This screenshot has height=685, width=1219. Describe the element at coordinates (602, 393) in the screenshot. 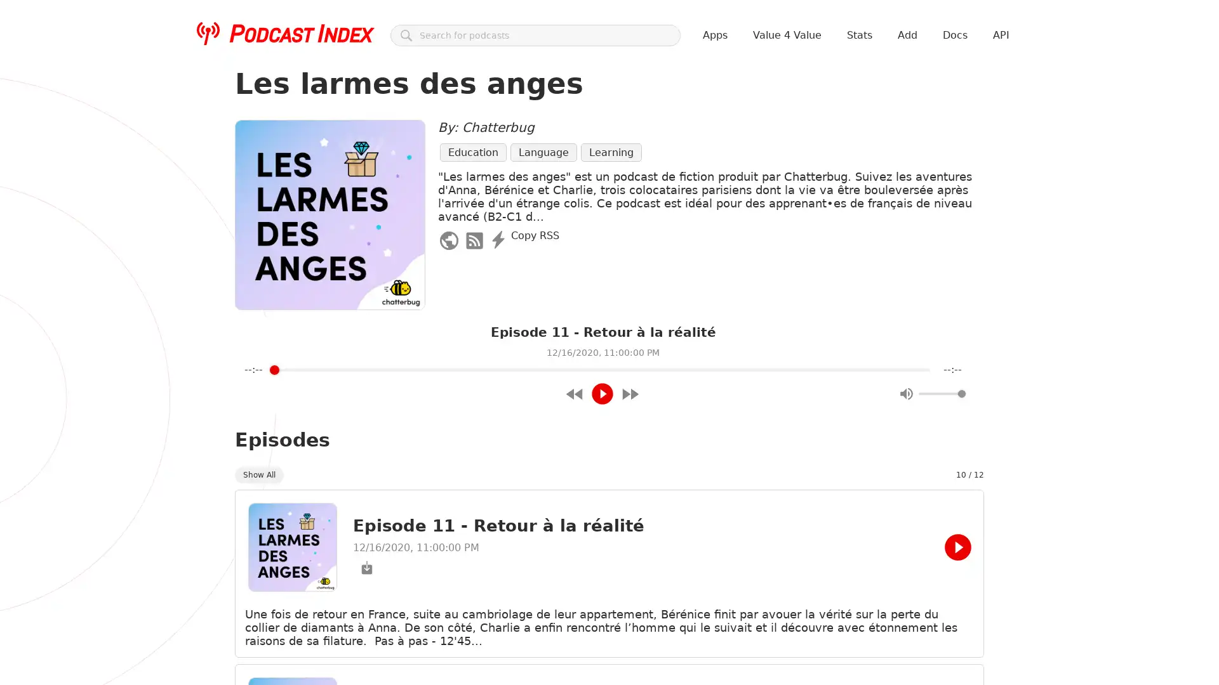

I see `Play` at that location.